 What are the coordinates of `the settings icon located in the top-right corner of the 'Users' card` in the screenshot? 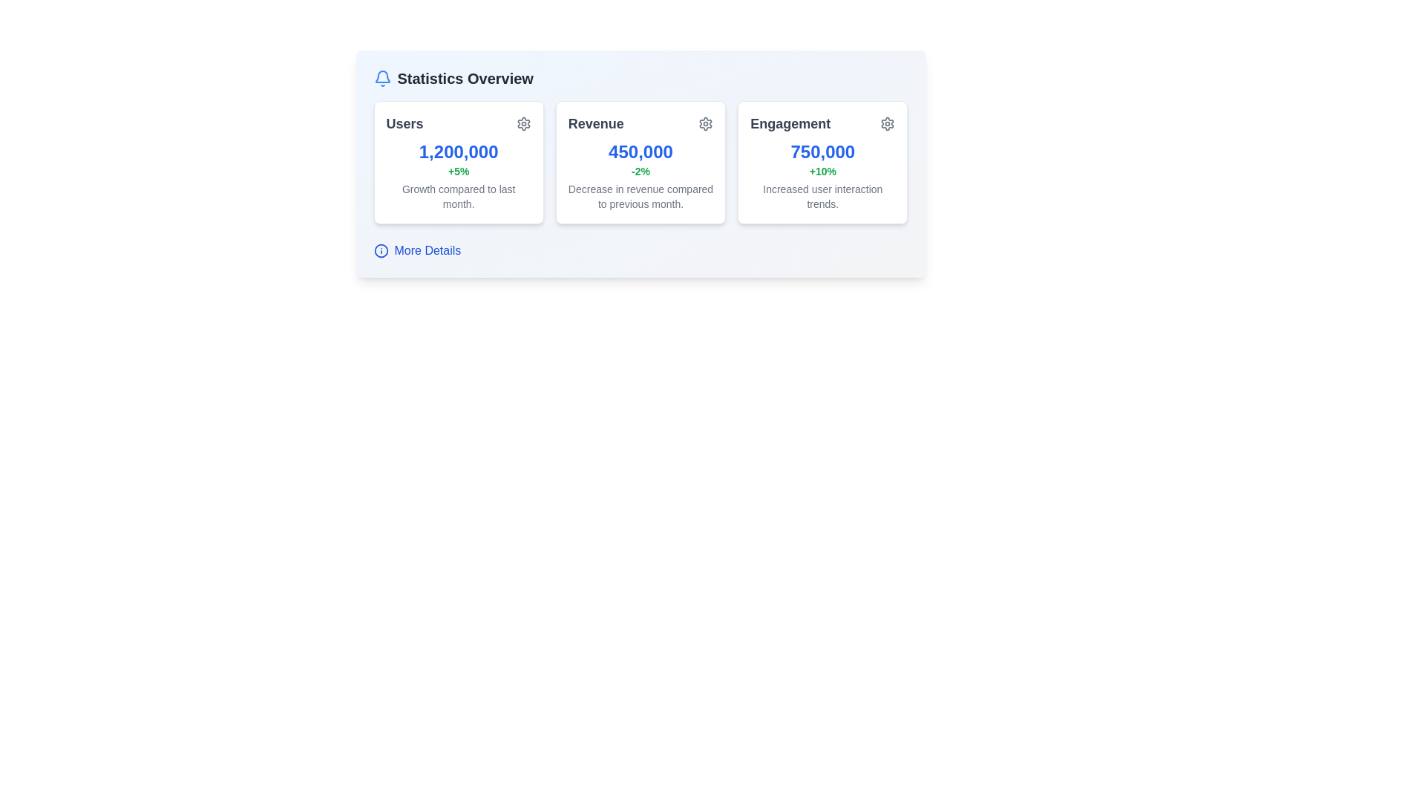 It's located at (523, 123).